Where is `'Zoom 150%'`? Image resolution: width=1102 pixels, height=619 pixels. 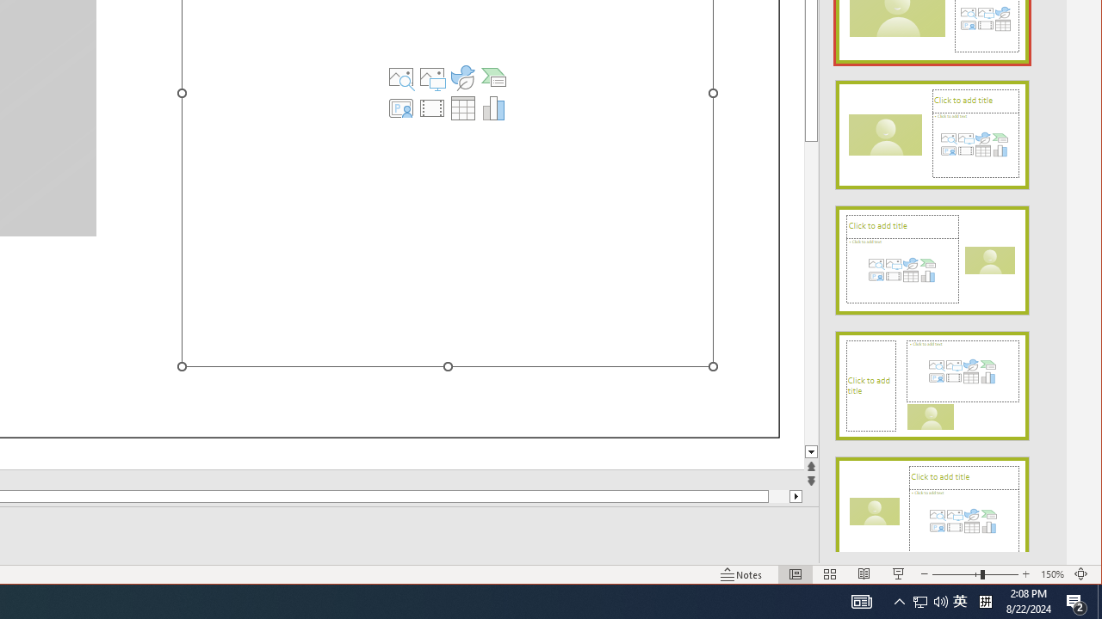 'Zoom 150%' is located at coordinates (1051, 574).